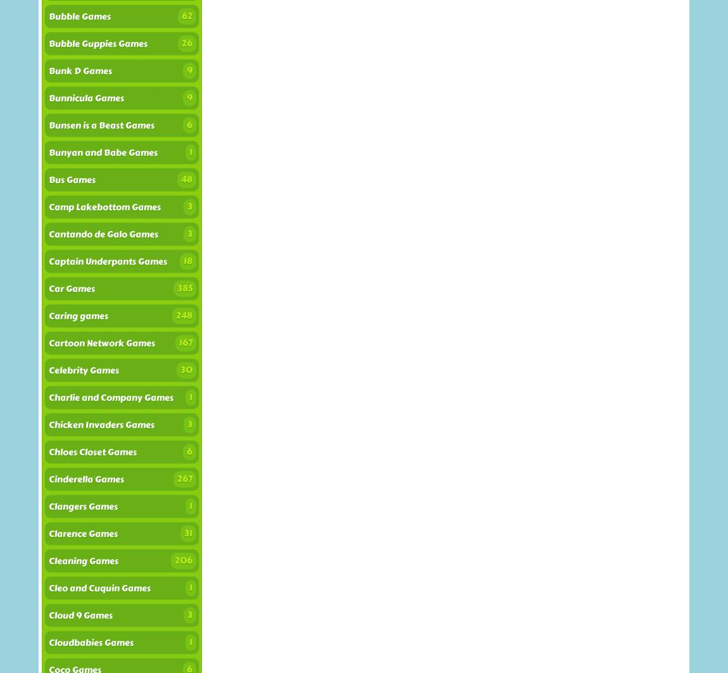 Image resolution: width=728 pixels, height=673 pixels. Describe the element at coordinates (187, 43) in the screenshot. I see `'26'` at that location.